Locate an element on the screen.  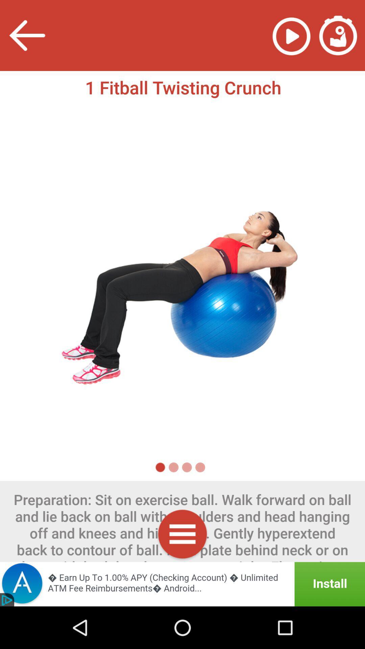
start the video is located at coordinates (291, 35).